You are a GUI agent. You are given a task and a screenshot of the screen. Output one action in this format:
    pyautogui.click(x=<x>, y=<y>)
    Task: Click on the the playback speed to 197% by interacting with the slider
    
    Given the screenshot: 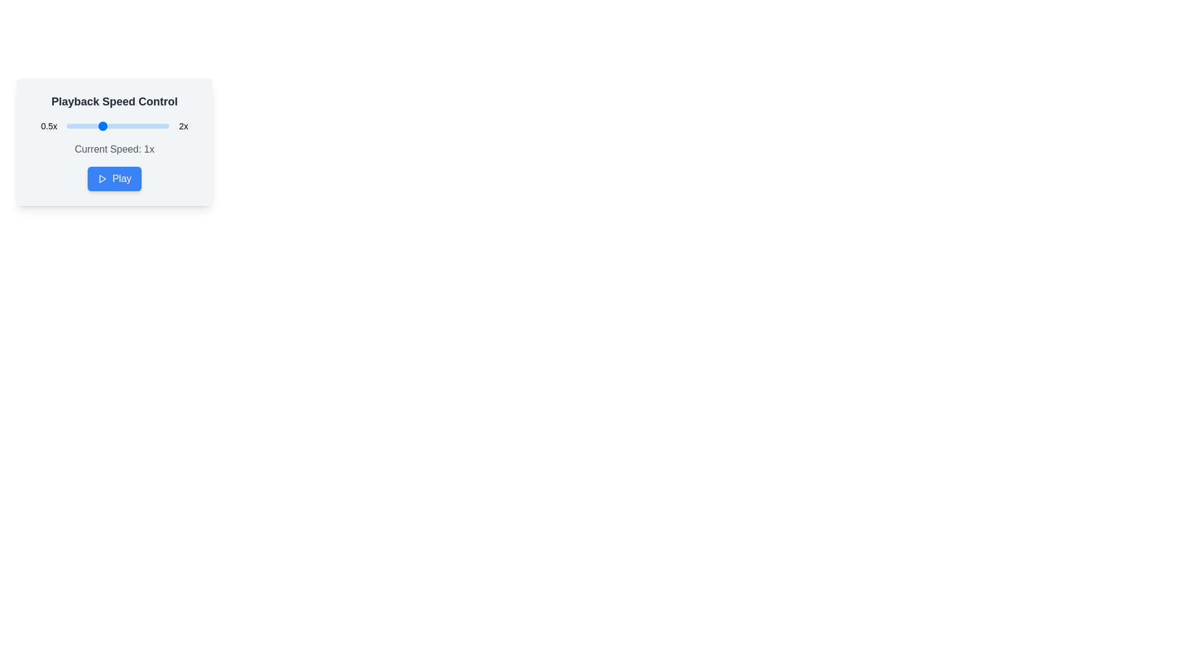 What is the action you would take?
    pyautogui.click(x=166, y=126)
    